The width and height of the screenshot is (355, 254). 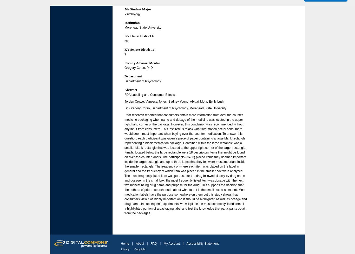 I want to click on 'FDA Labeling and Consumer Effects', so click(x=149, y=94).